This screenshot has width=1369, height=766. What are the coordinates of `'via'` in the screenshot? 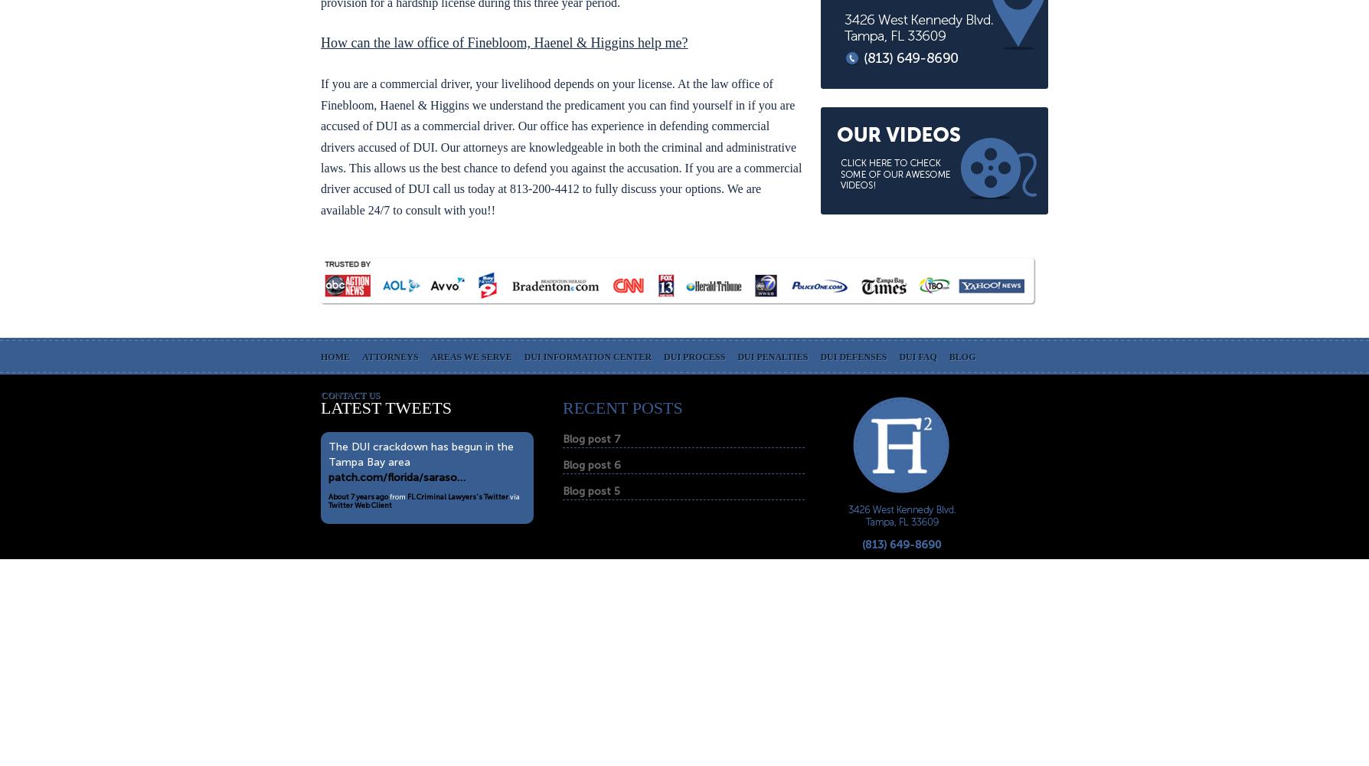 It's located at (508, 496).